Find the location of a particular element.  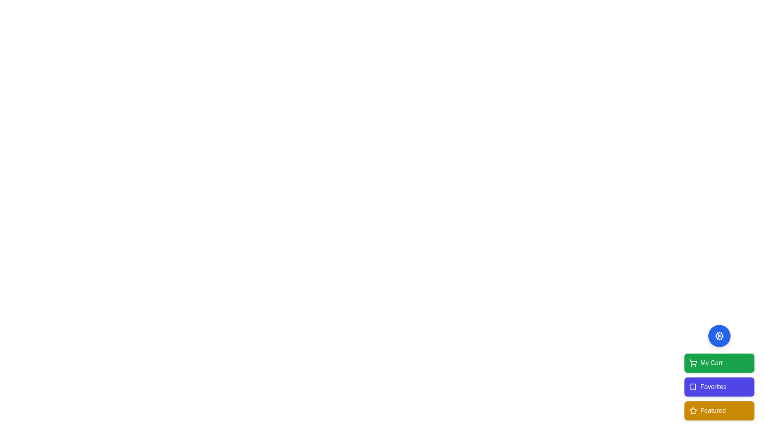

the 'Favorites' button located below the 'My Cart' button and above the 'Featured' button in the right panel of the application is located at coordinates (719, 387).